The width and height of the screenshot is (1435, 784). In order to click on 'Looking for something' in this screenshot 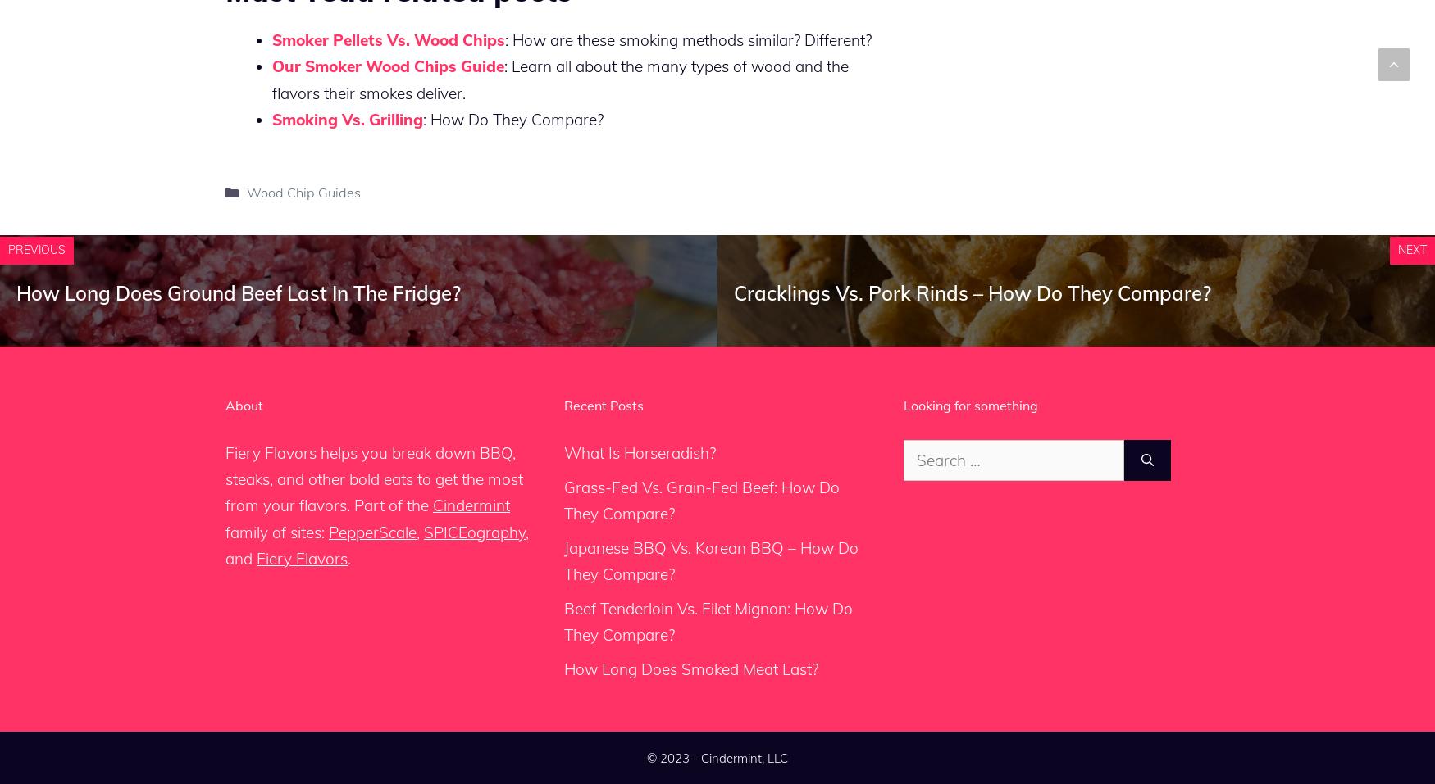, I will do `click(969, 405)`.